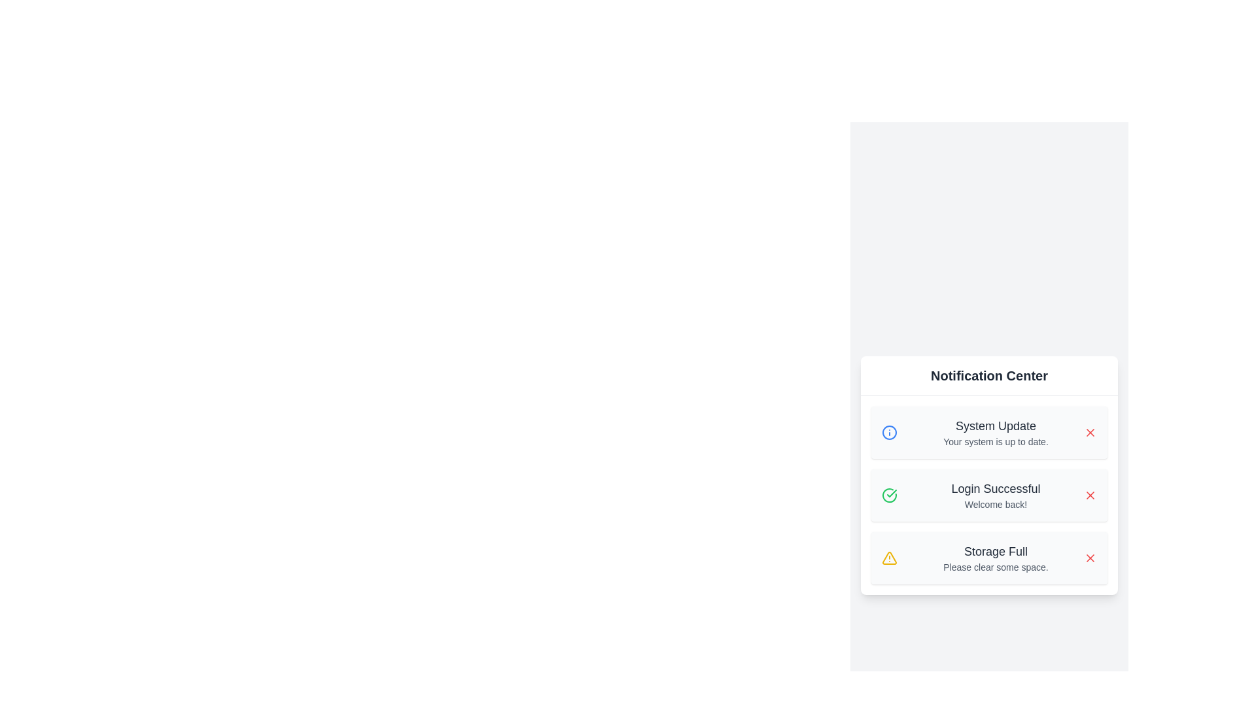 Image resolution: width=1256 pixels, height=706 pixels. Describe the element at coordinates (989, 432) in the screenshot. I see `the info icon of the Notification card titled 'System Update', which is characterized by a gray background and a prominent title in bold text` at that location.